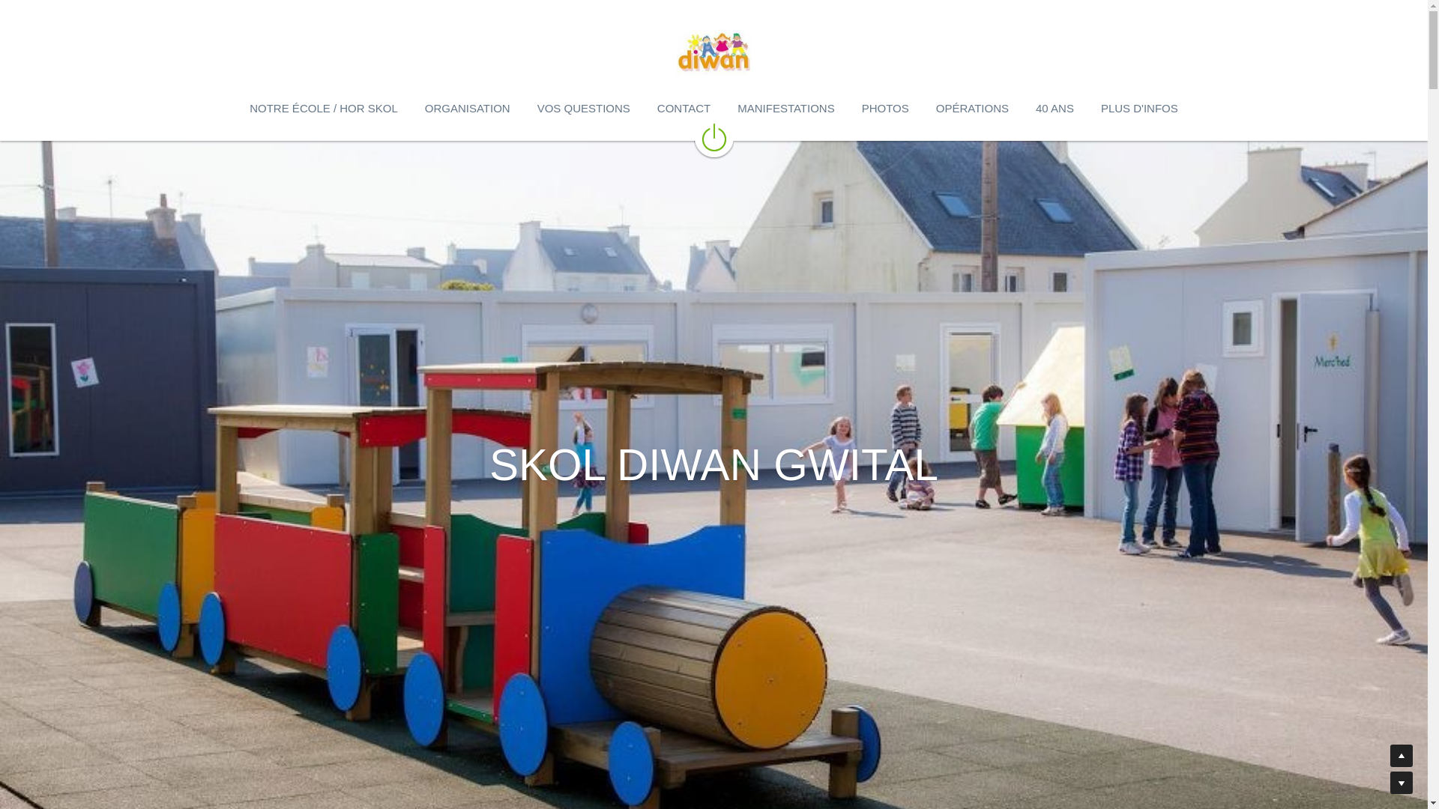 This screenshot has height=809, width=1439. What do you see at coordinates (1054, 108) in the screenshot?
I see `'40 ANS'` at bounding box center [1054, 108].